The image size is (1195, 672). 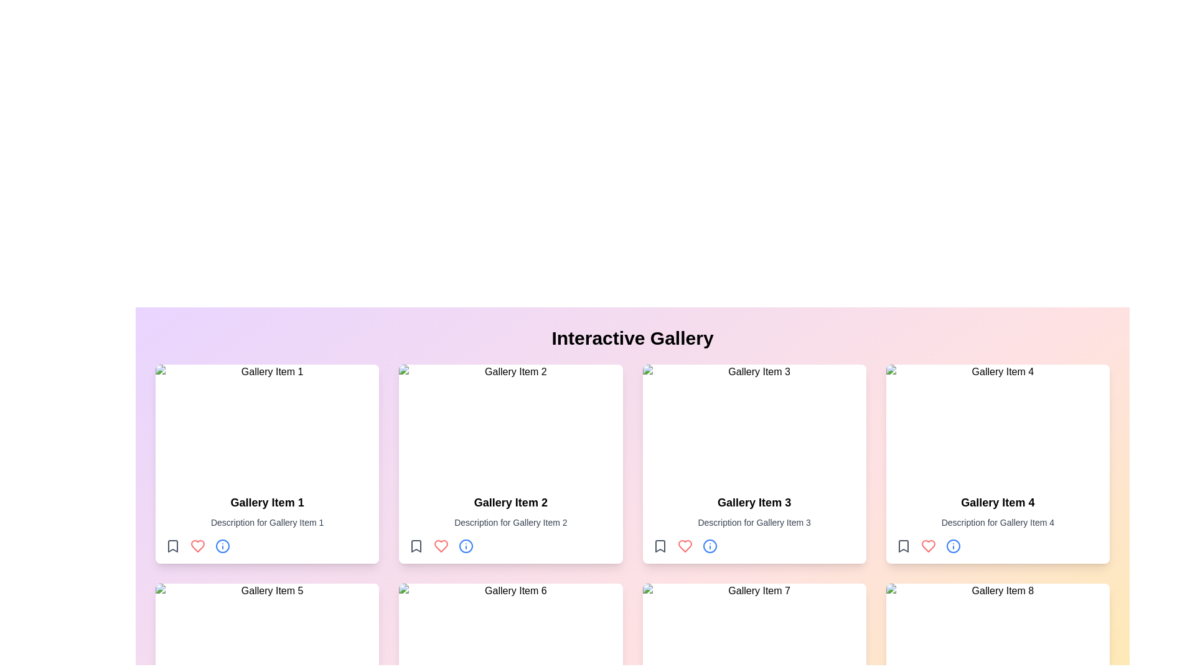 What do you see at coordinates (416, 546) in the screenshot?
I see `the bookmark icon located in the bottom-left corner of the card for 'Gallery Item 2'` at bounding box center [416, 546].